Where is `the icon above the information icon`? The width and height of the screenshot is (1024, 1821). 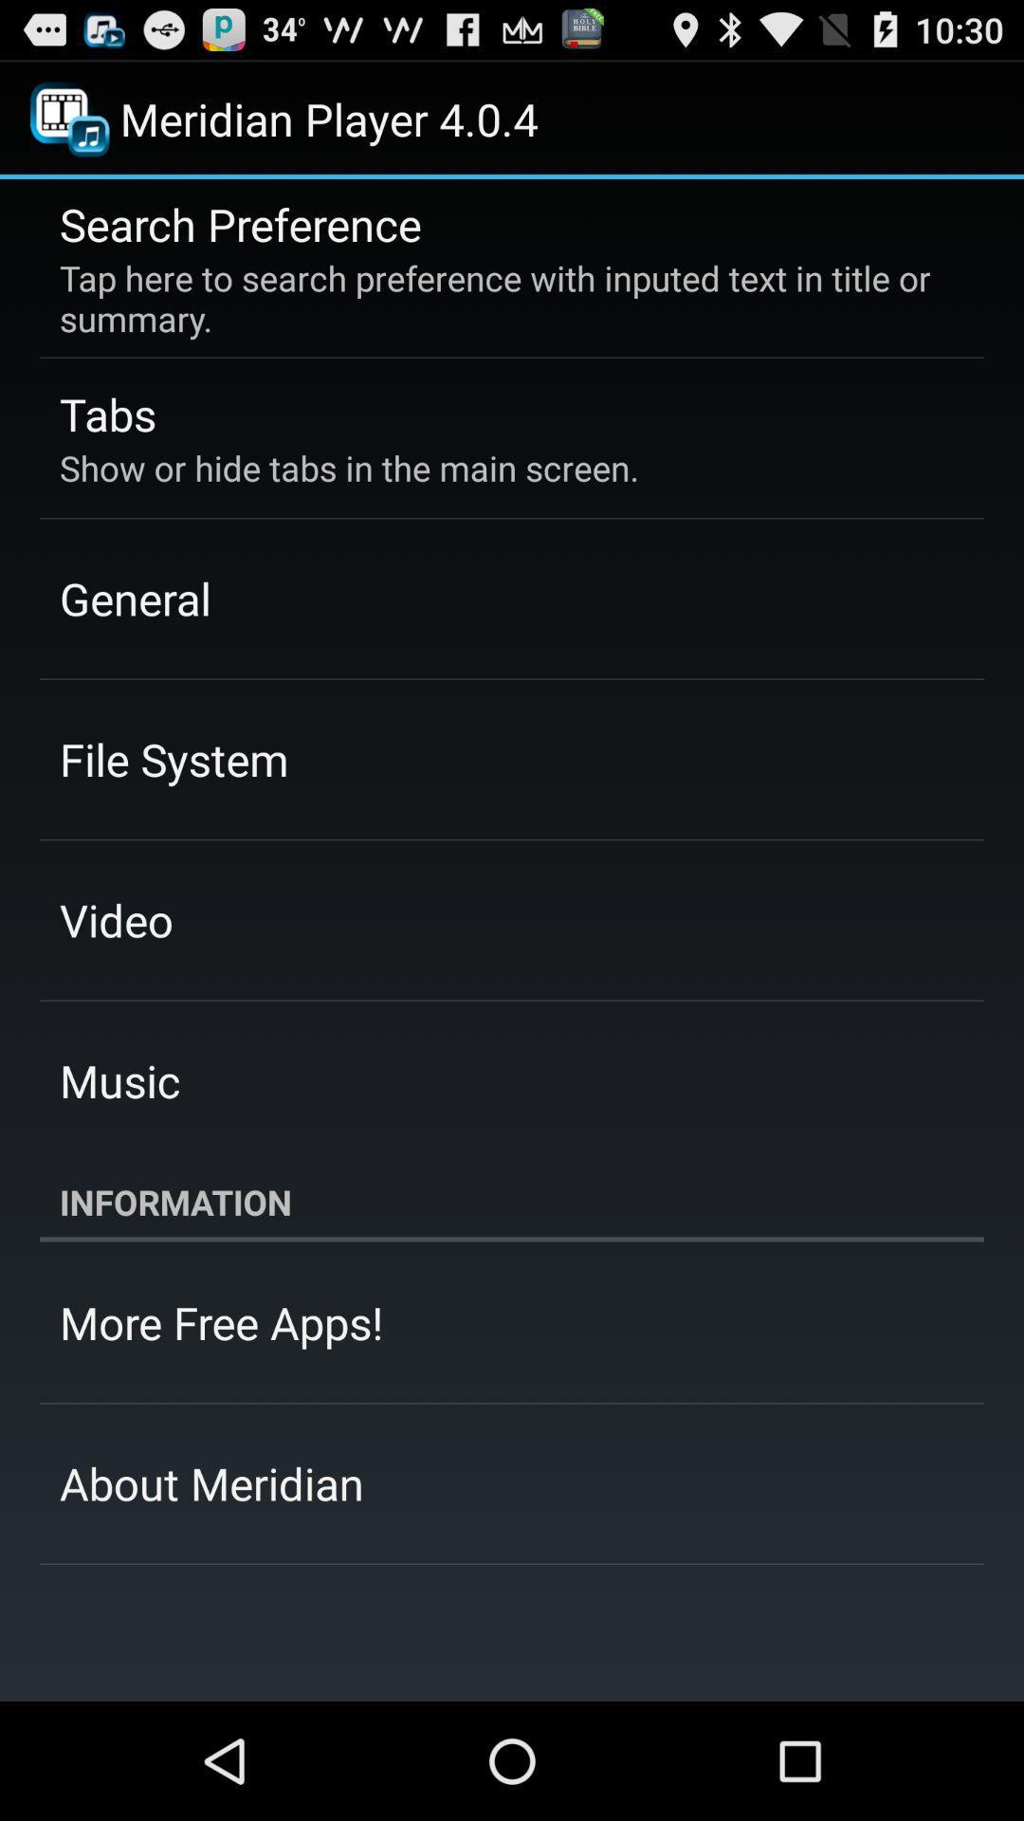
the icon above the information icon is located at coordinates (119, 1080).